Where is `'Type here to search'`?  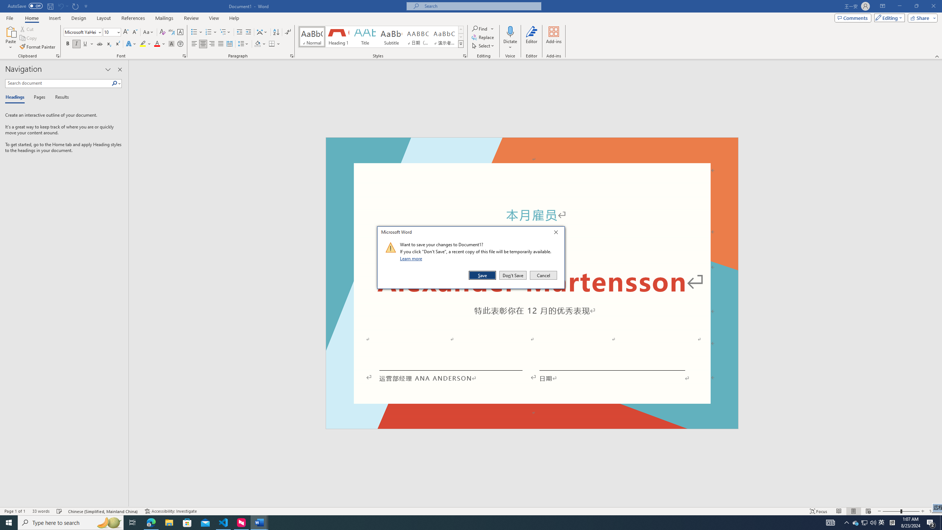
'Type here to search' is located at coordinates (70, 522).